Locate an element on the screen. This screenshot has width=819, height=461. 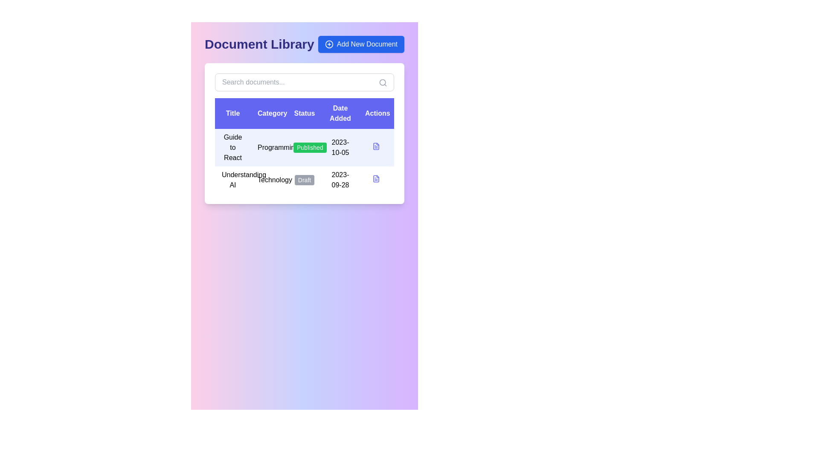
the 'Status' header label, which is a bold white text on a purple background, centrally located within a table structure at the top of the interface is located at coordinates (305, 113).